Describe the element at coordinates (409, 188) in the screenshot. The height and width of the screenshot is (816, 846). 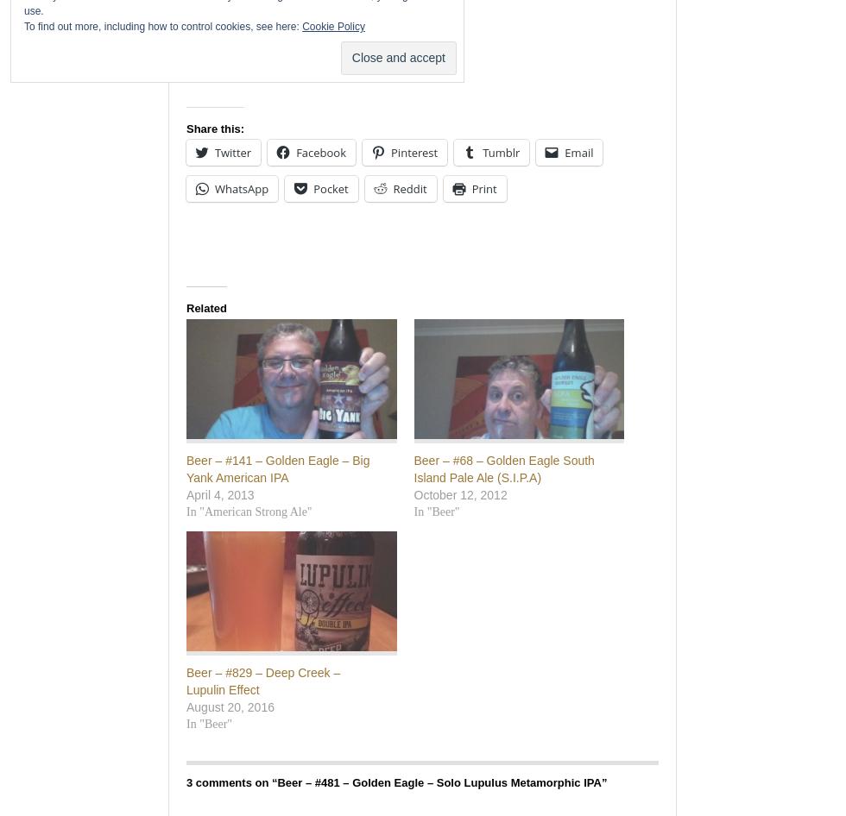
I see `'Reddit'` at that location.